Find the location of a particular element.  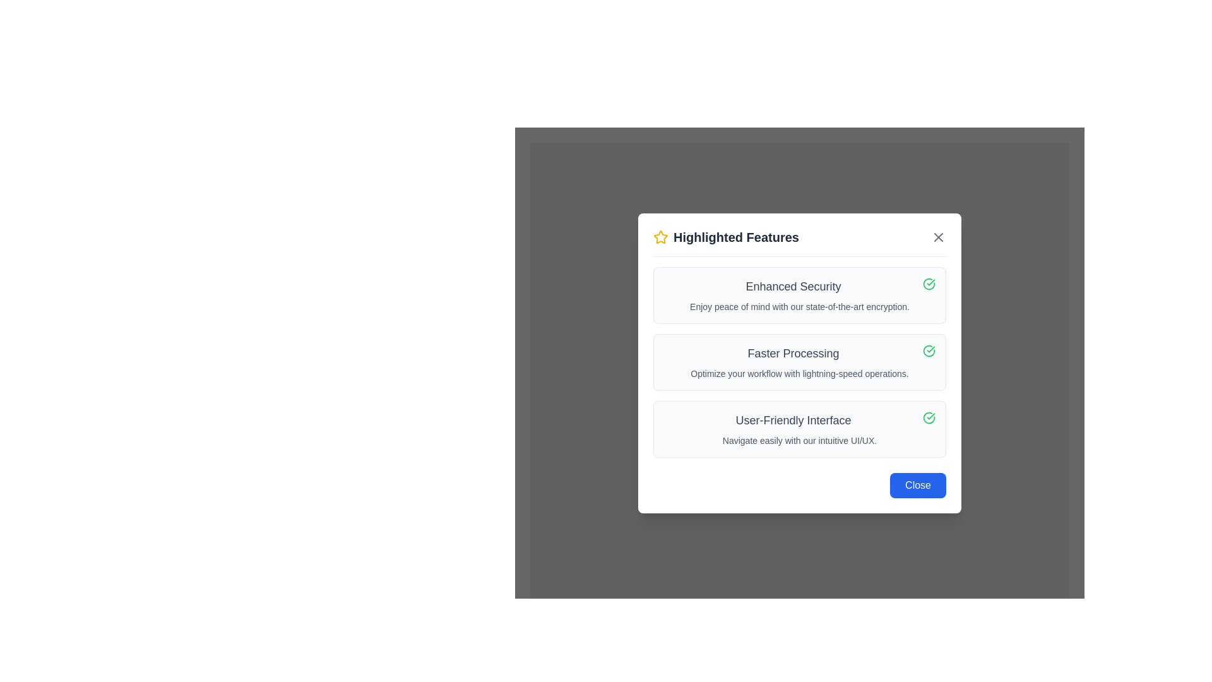

the descriptive text that reads 'Optimize your workflow with lightning-speed operations.' located below the header 'Faster Processing' in the second section card of the modal is located at coordinates (799, 373).